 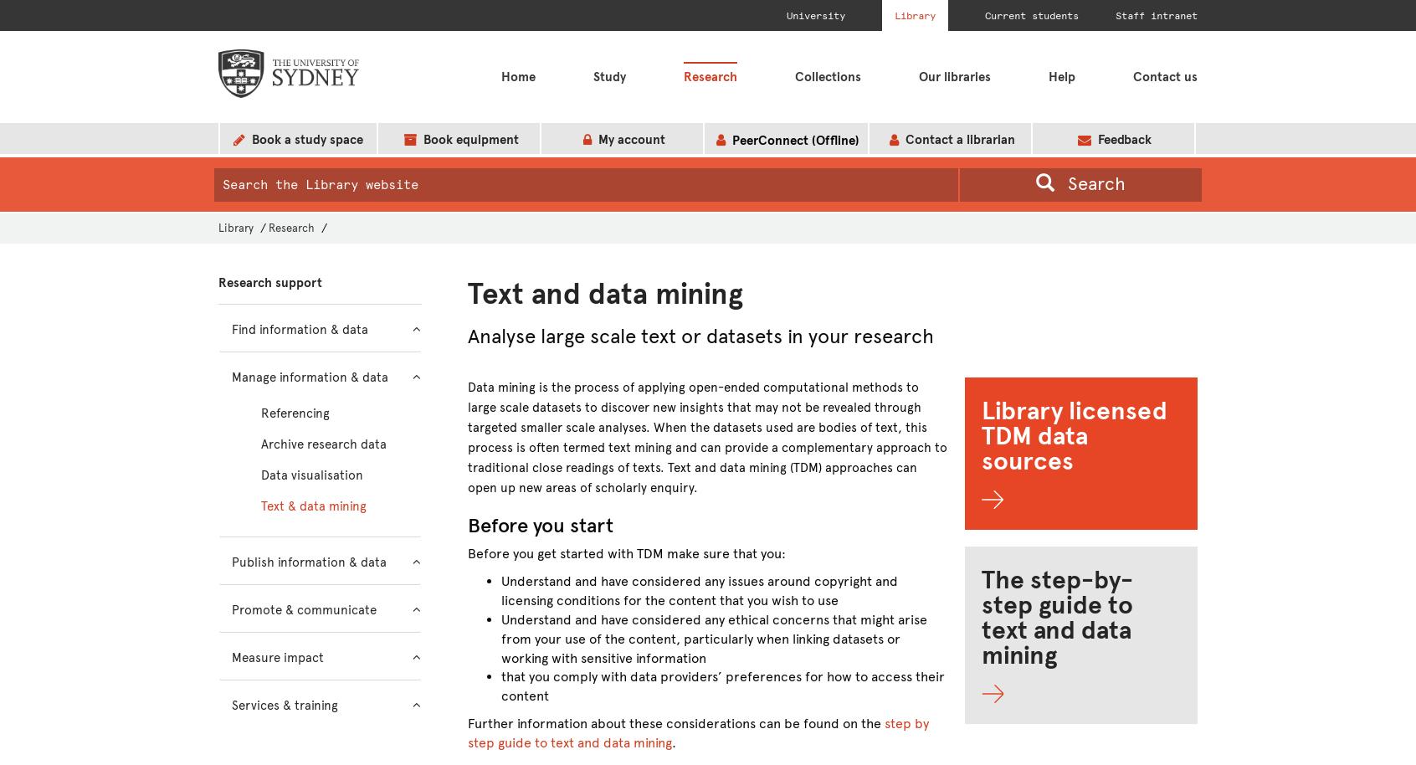 I want to click on 'Home', so click(x=499, y=77).